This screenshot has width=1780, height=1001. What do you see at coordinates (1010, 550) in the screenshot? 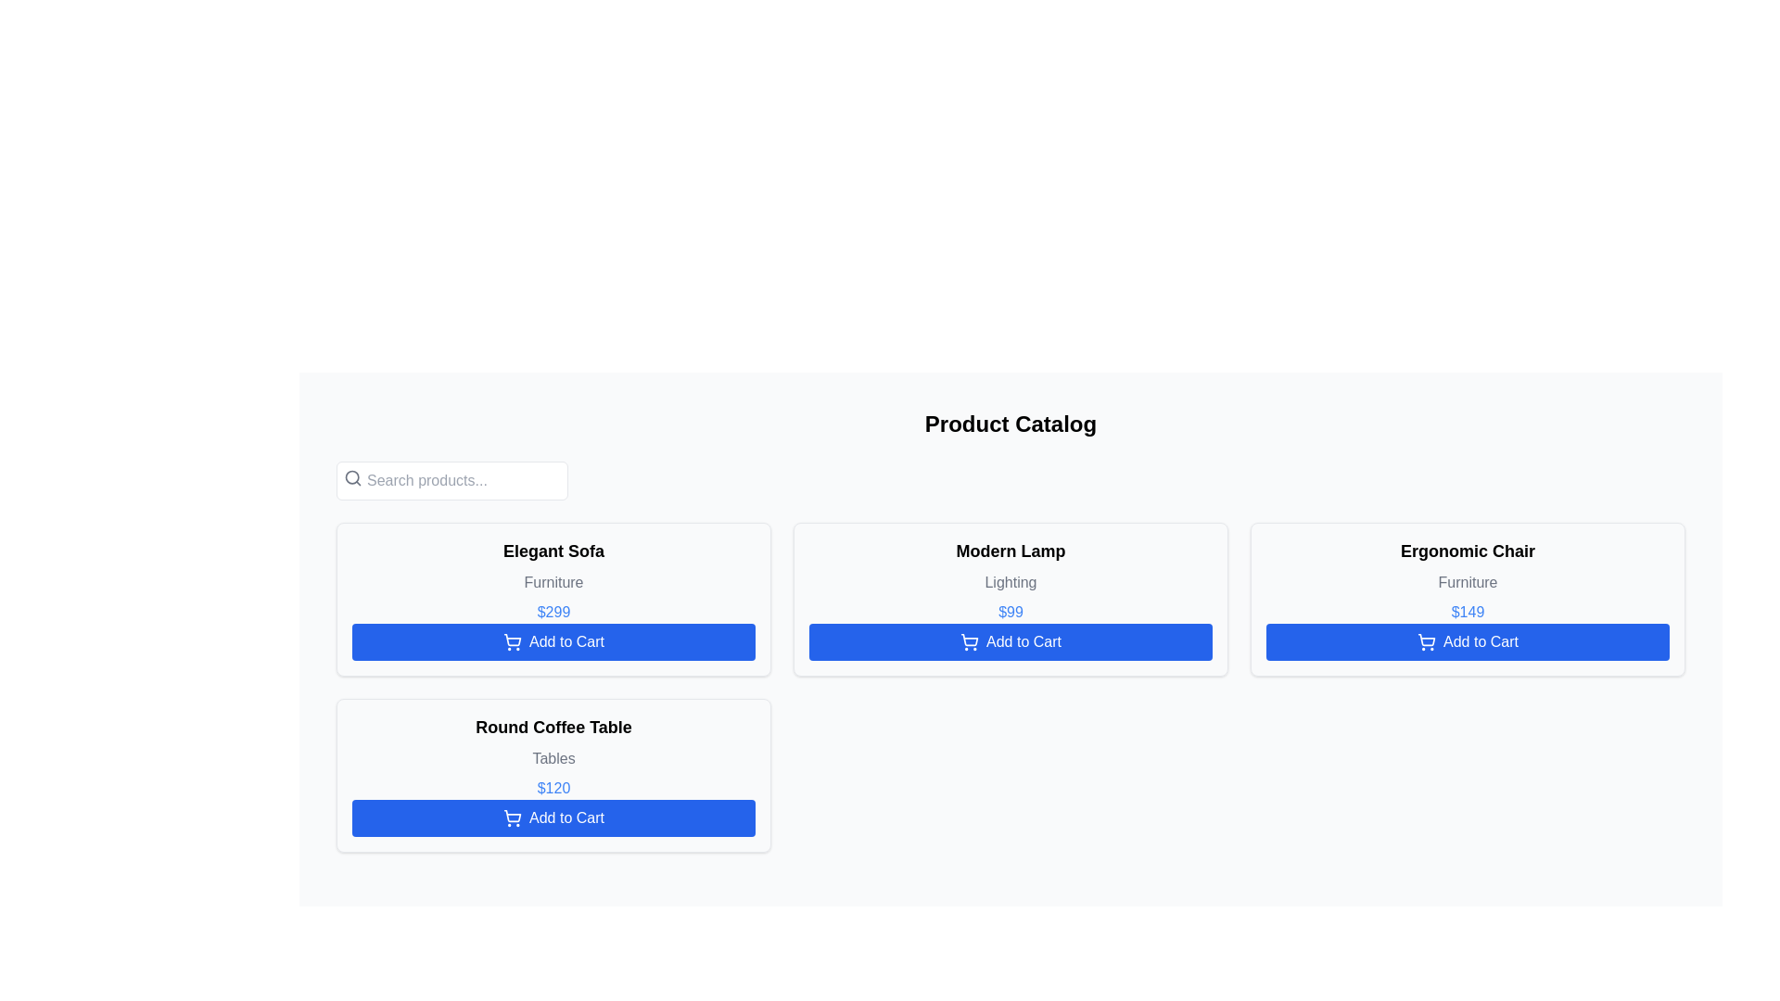
I see `the text 'Modern Lamp' from the text label positioned at the top center of the product card for copying or referencing` at bounding box center [1010, 550].